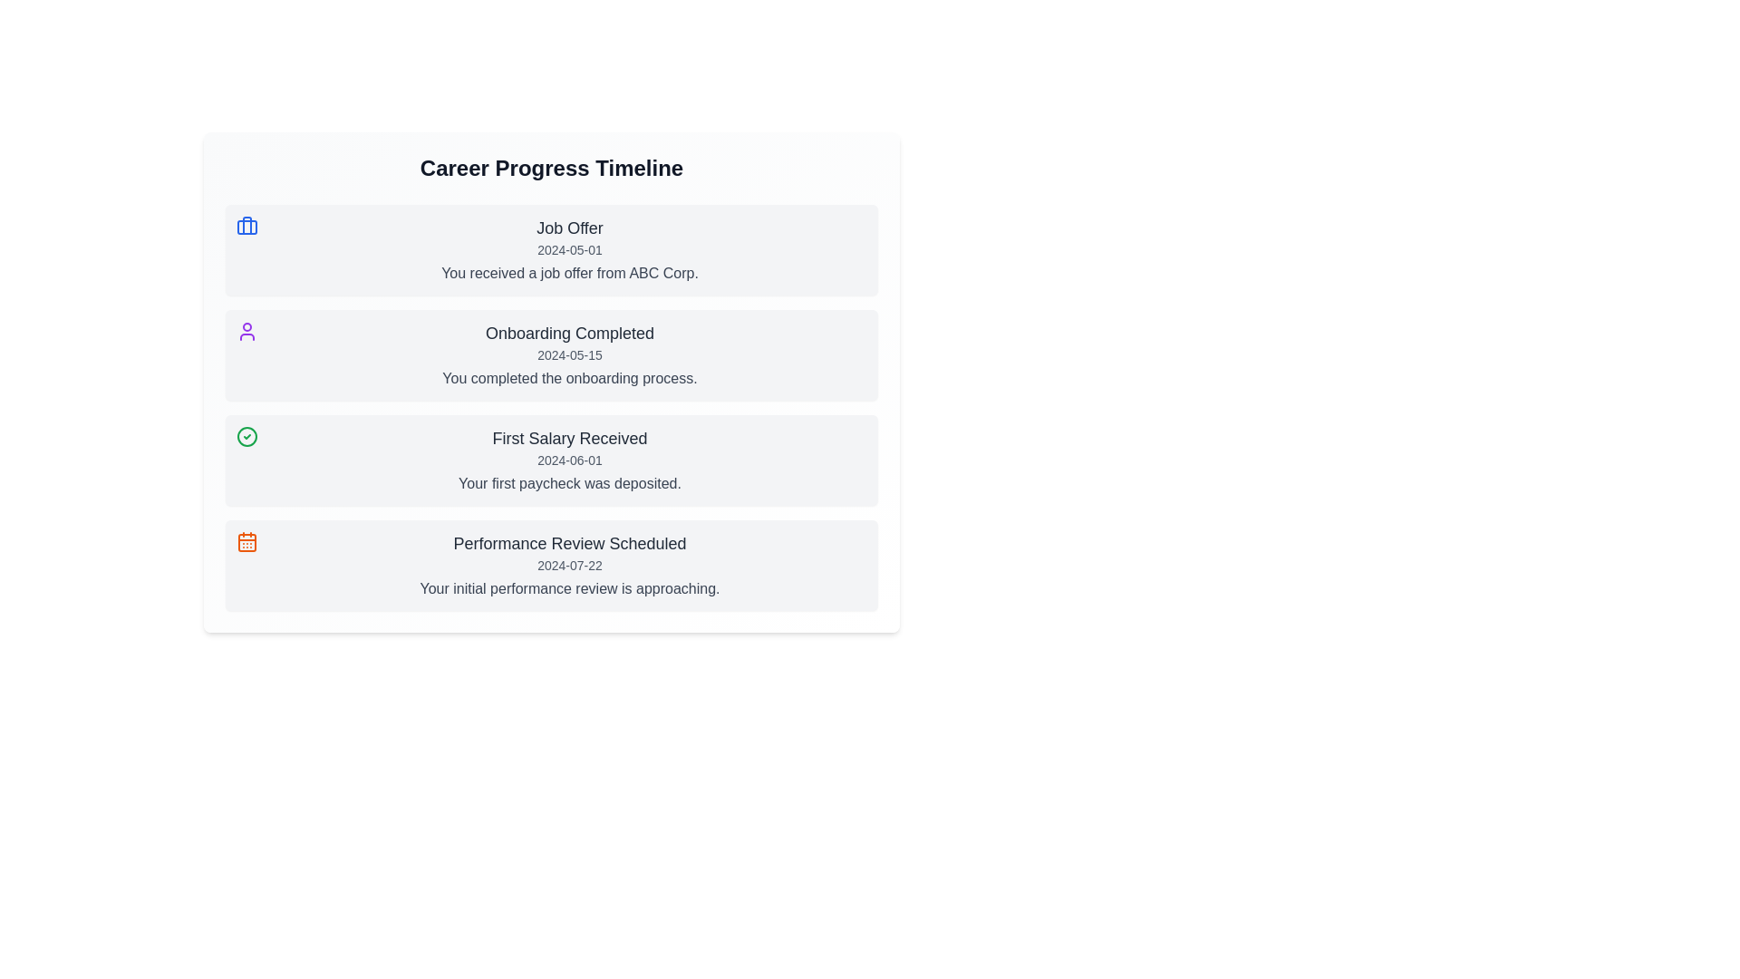 The image size is (1740, 979). Describe the element at coordinates (551, 250) in the screenshot. I see `the first list item in the 'Career Progress Timeline' section, which has a light gray background, a blue icon on the left, and contains the heading 'Job Offer'` at that location.